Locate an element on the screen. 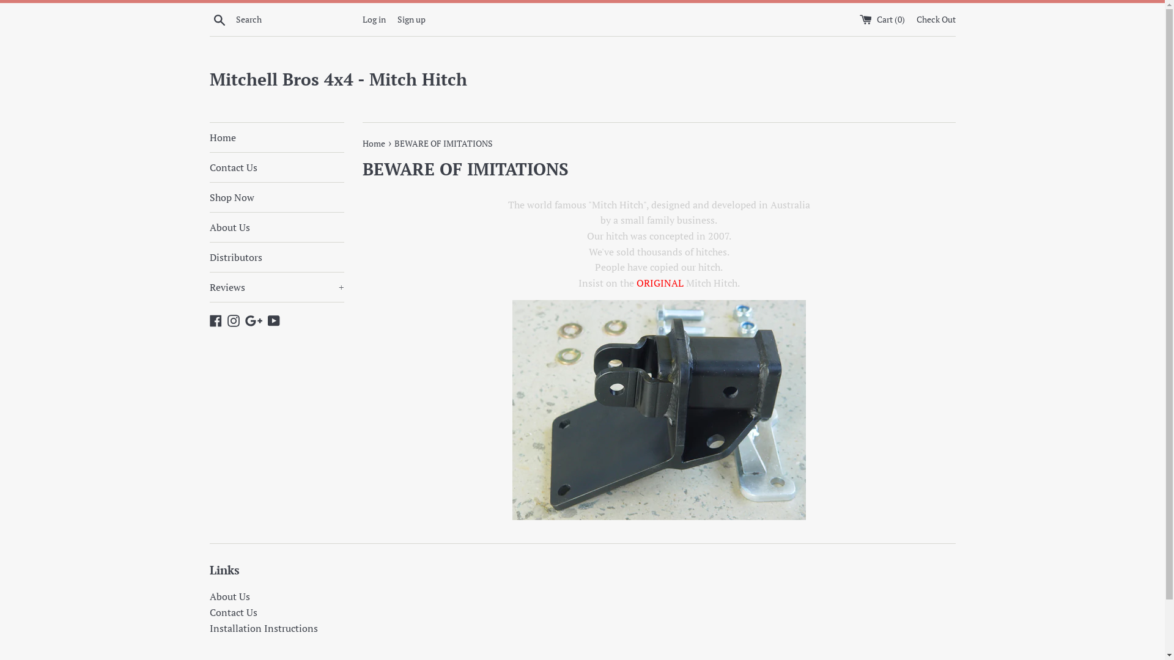 The image size is (1174, 660). 'Shop Now' is located at coordinates (275, 197).